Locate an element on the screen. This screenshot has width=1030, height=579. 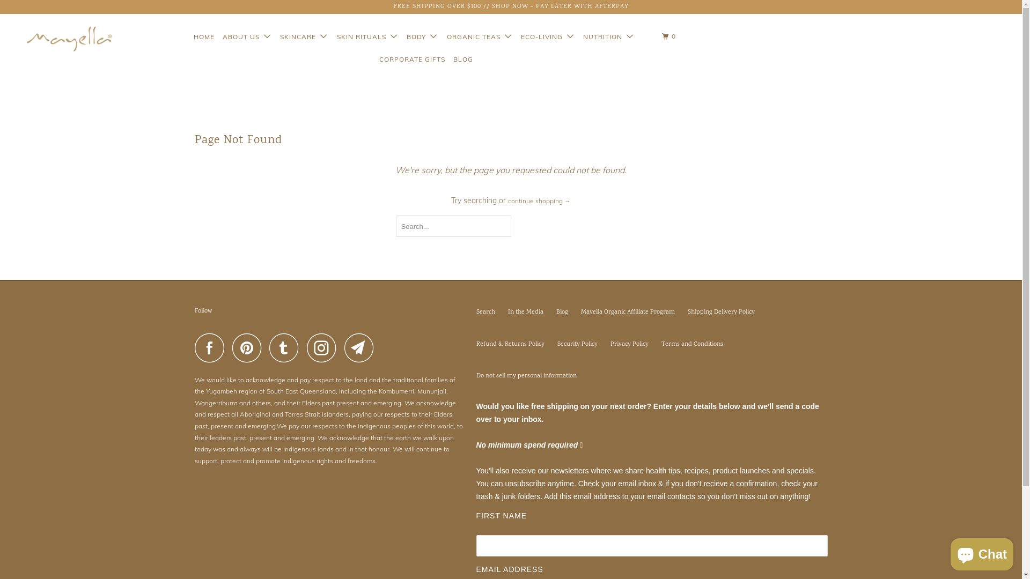
'0' is located at coordinates (669, 36).